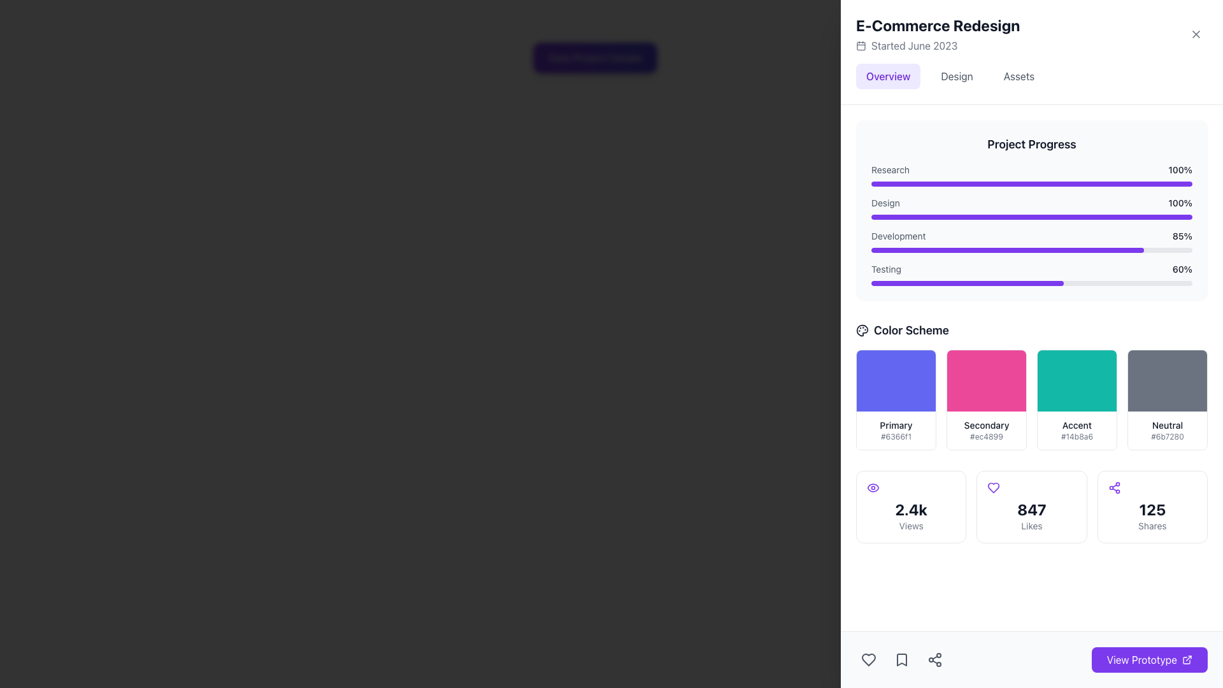  I want to click on the bookmark icon located in the bottom navigation bar, second from the left, so click(901, 659).